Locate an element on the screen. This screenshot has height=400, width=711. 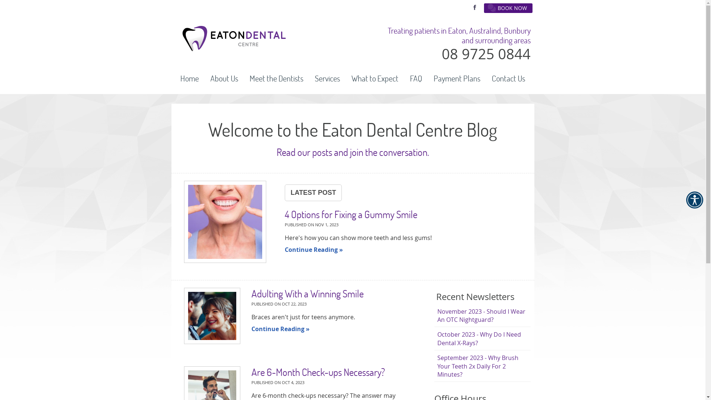
'Payment Plans' is located at coordinates (457, 79).